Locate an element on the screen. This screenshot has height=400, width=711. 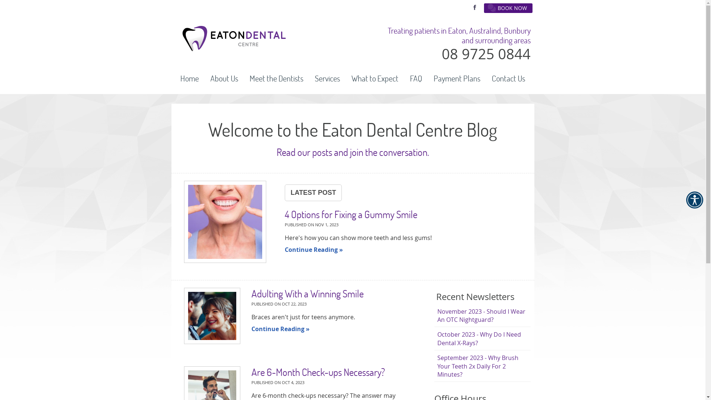
'Payment Plans' is located at coordinates (457, 79).